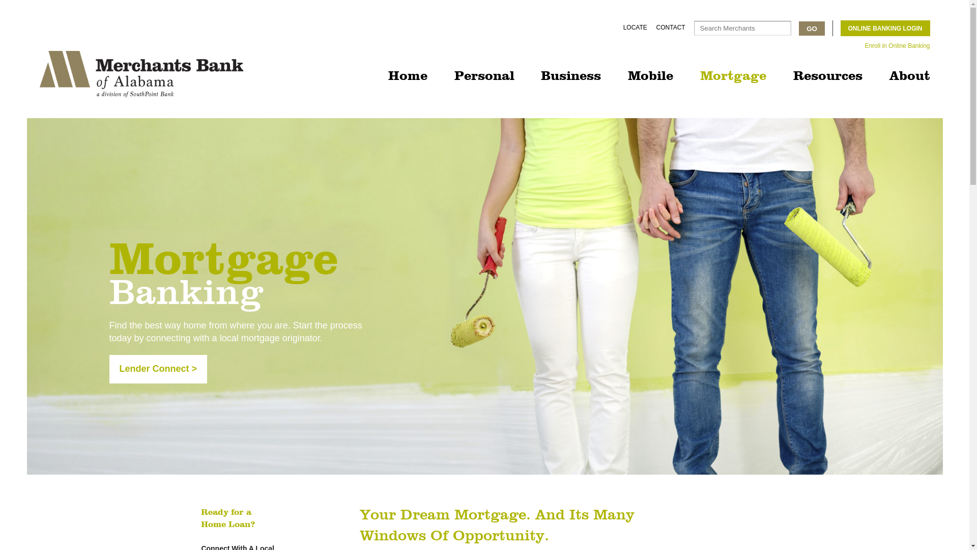 The height and width of the screenshot is (550, 977). I want to click on 'Lender Connect >', so click(157, 369).